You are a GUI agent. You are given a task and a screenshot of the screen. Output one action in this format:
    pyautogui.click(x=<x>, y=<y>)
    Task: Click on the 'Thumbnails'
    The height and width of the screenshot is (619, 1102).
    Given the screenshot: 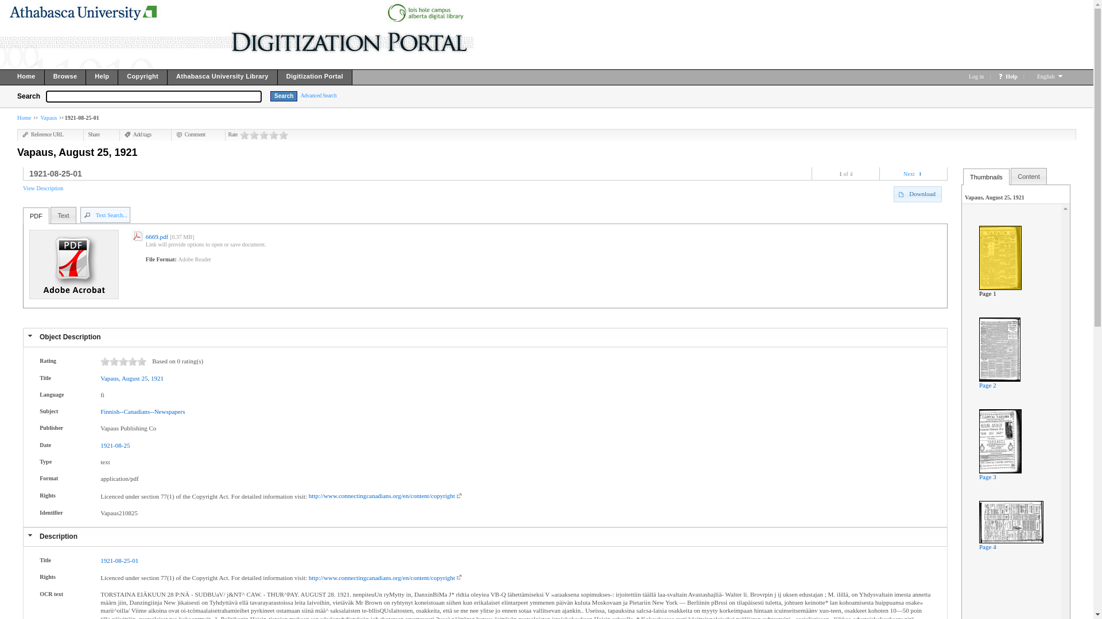 What is the action you would take?
    pyautogui.click(x=964, y=177)
    